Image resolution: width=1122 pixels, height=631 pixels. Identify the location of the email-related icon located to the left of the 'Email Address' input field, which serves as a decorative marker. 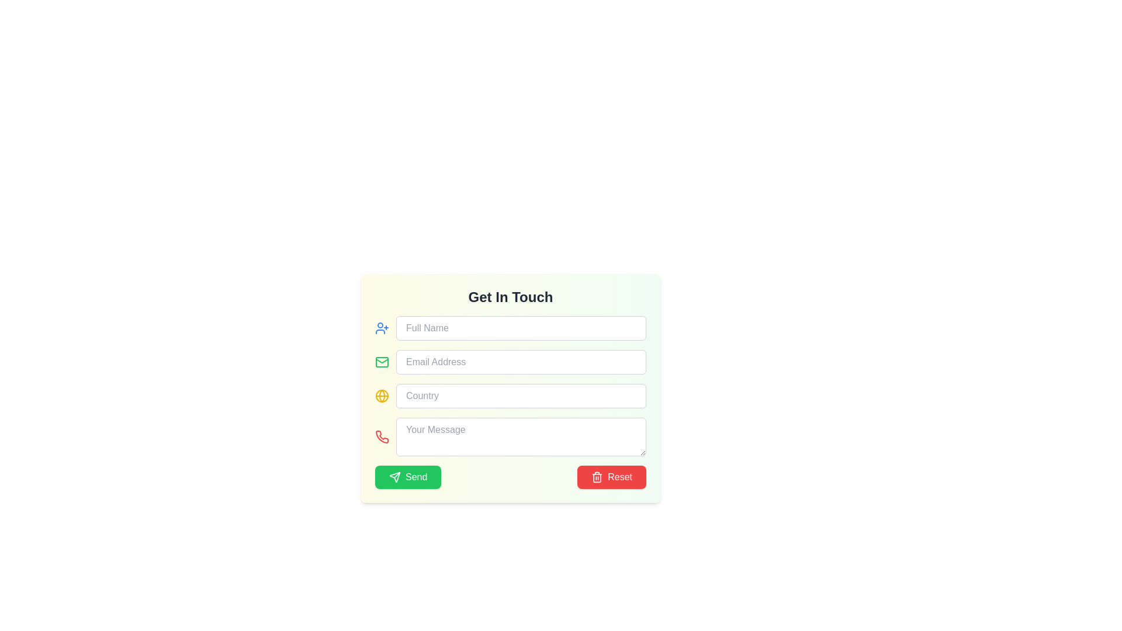
(382, 362).